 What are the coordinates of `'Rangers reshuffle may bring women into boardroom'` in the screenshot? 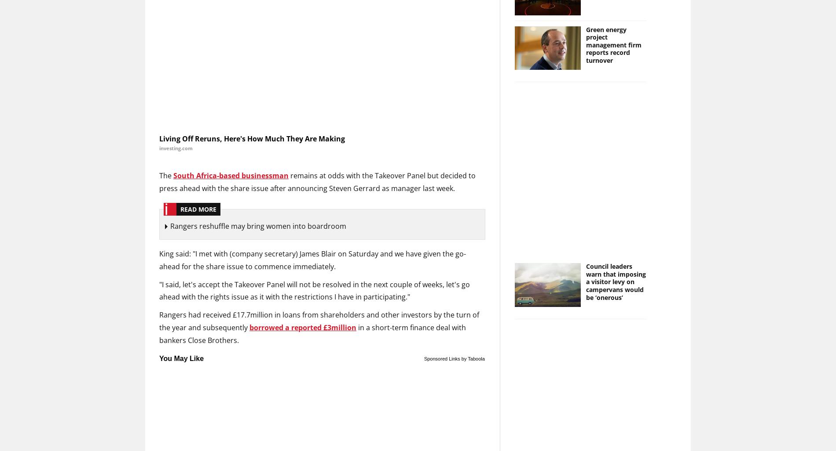 It's located at (258, 226).